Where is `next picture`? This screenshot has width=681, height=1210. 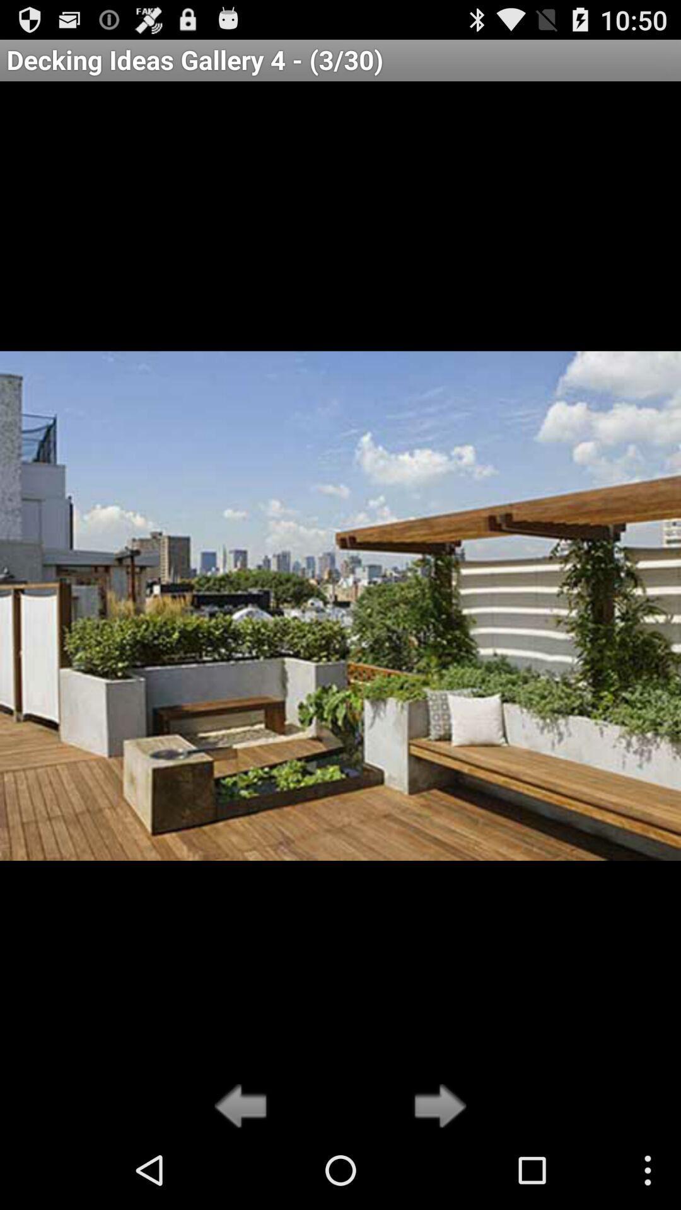 next picture is located at coordinates (436, 1107).